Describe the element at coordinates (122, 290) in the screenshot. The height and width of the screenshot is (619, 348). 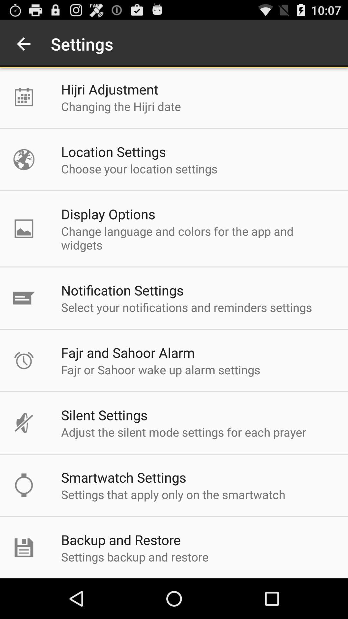
I see `notification settings app` at that location.